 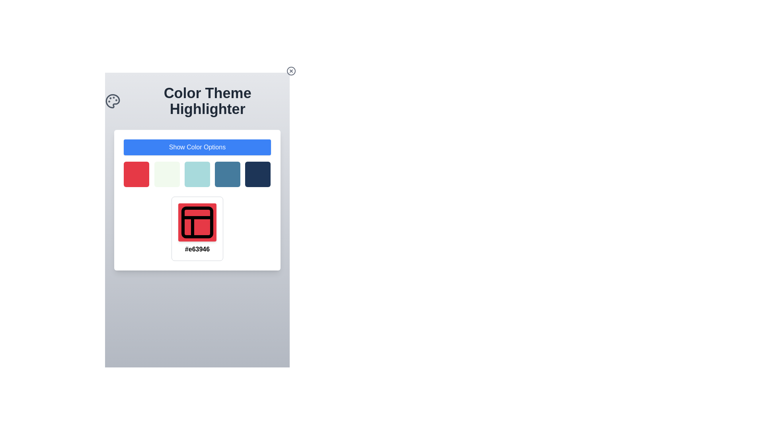 I want to click on the dark blue button with rounded corners located at the far right of a horizontal grid of five buttons, so click(x=258, y=174).